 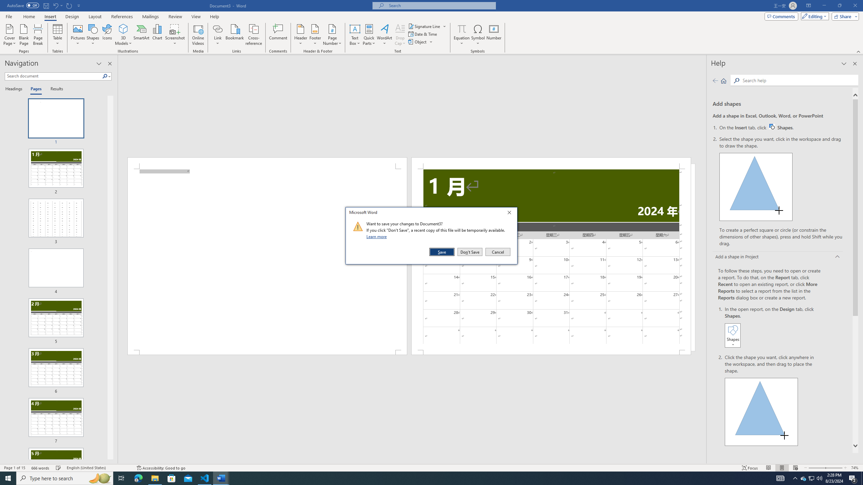 I want to click on 'Blank Page', so click(x=24, y=35).